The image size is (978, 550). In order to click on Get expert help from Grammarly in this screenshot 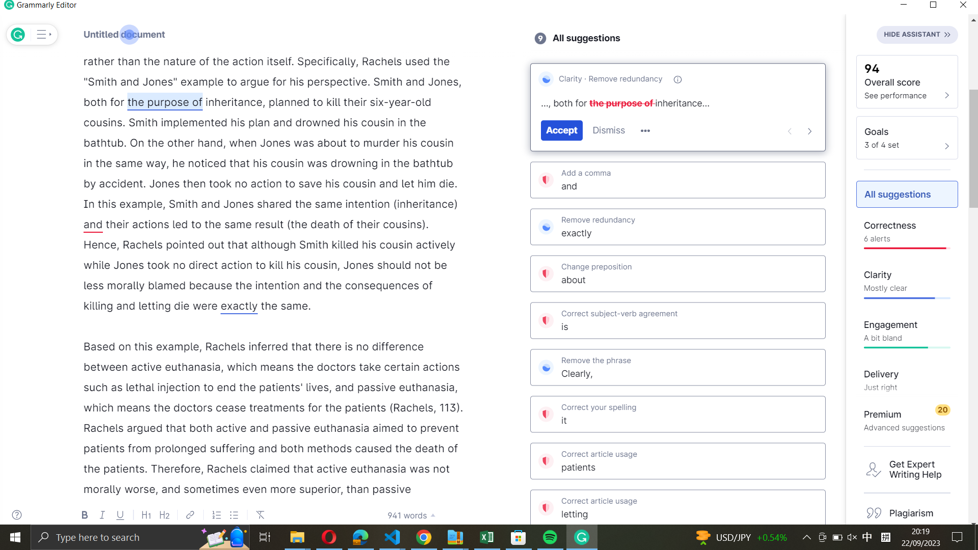, I will do `click(908, 469)`.